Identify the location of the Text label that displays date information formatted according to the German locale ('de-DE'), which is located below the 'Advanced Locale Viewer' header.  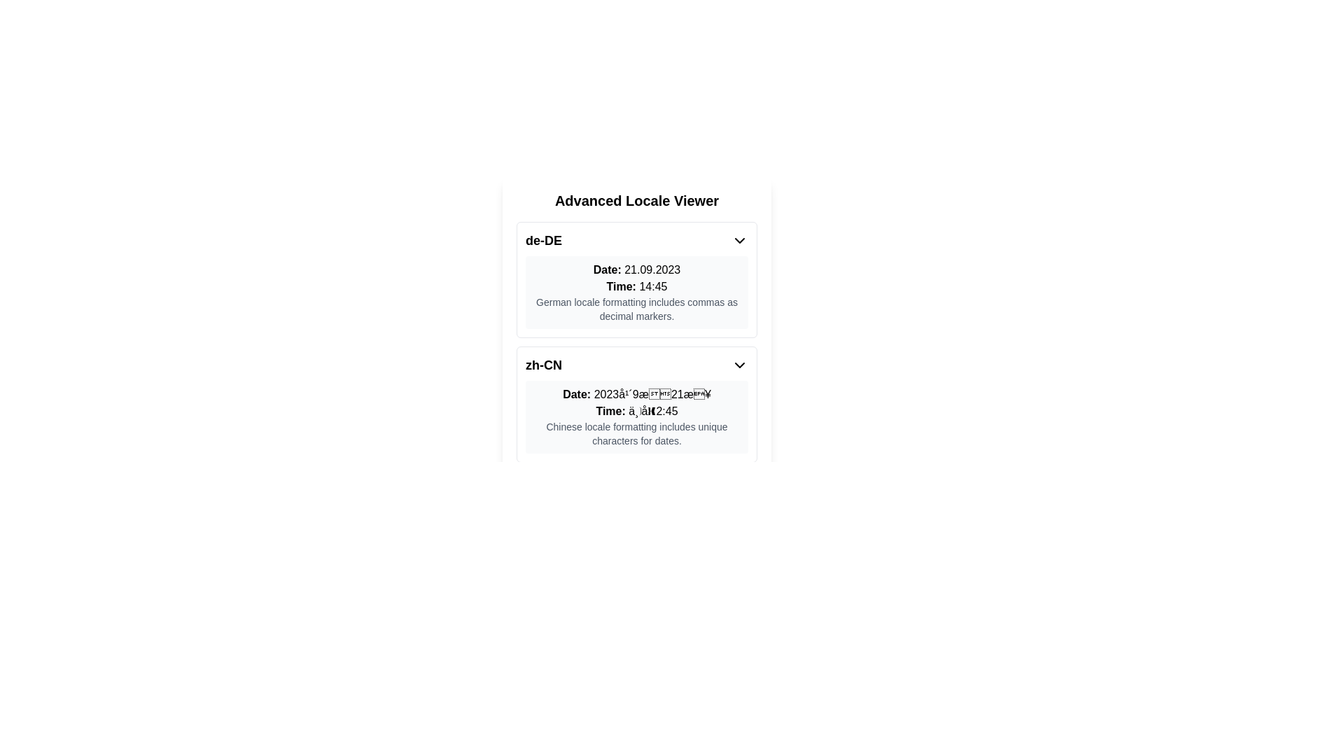
(636, 269).